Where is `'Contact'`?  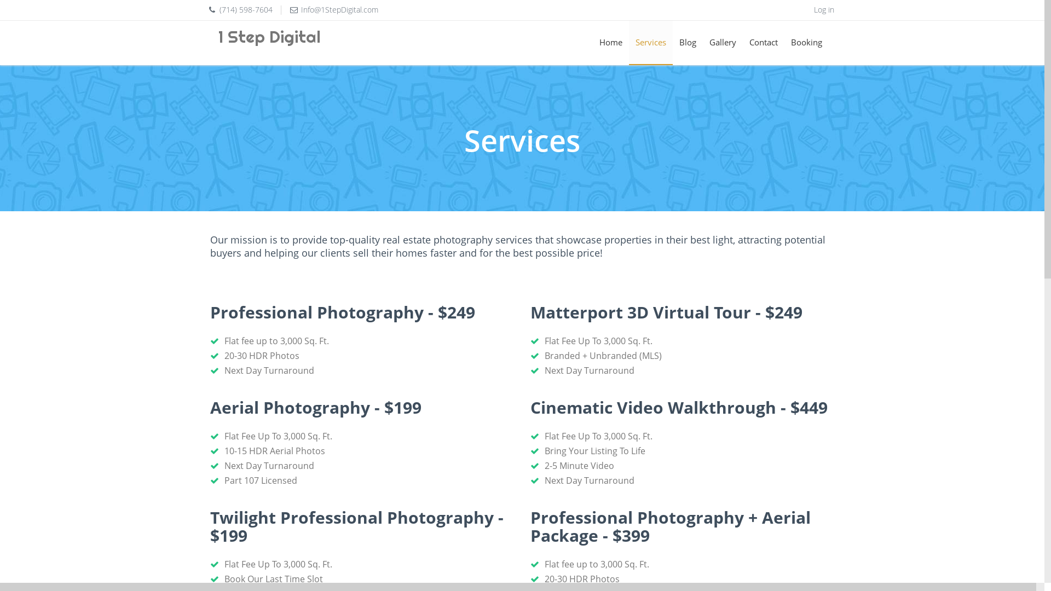
'Contact' is located at coordinates (743, 42).